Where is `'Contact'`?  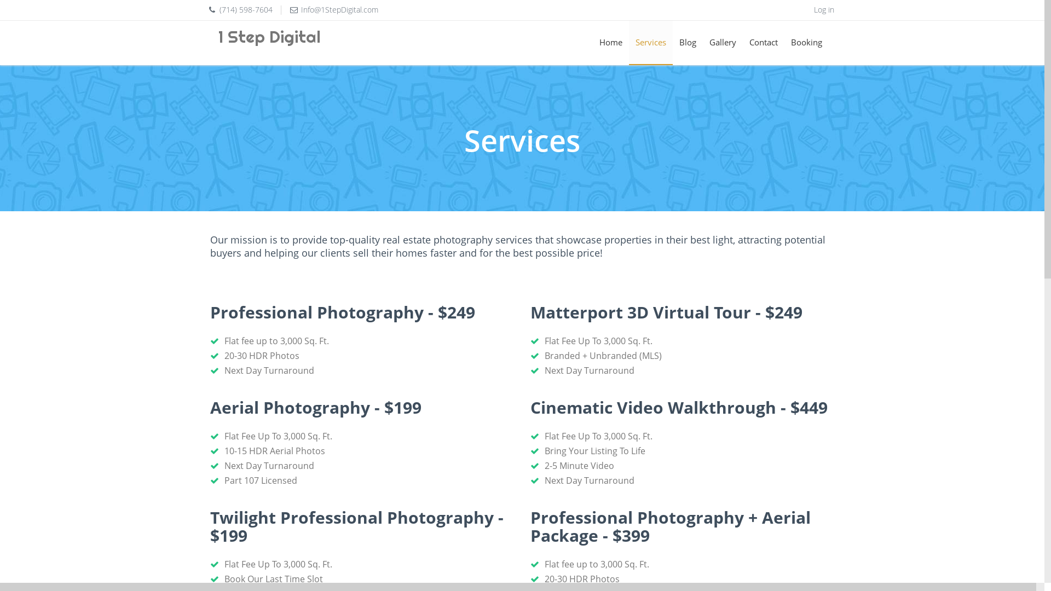
'Contact' is located at coordinates (743, 42).